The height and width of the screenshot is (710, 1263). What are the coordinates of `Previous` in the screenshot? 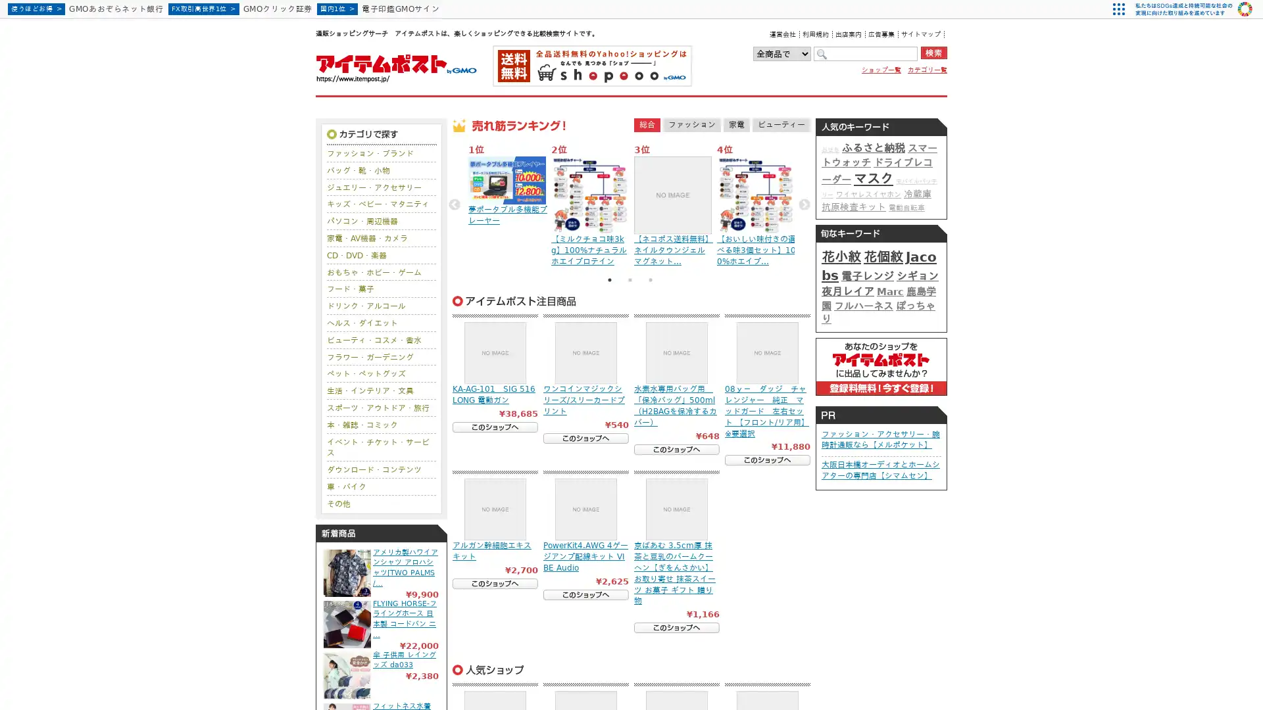 It's located at (455, 205).